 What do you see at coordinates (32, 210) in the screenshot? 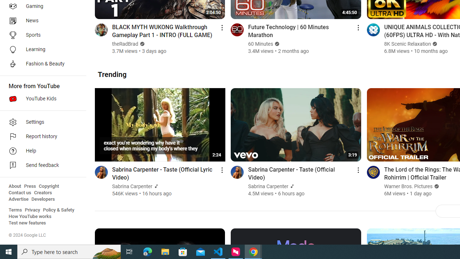
I see `'Privacy'` at bounding box center [32, 210].